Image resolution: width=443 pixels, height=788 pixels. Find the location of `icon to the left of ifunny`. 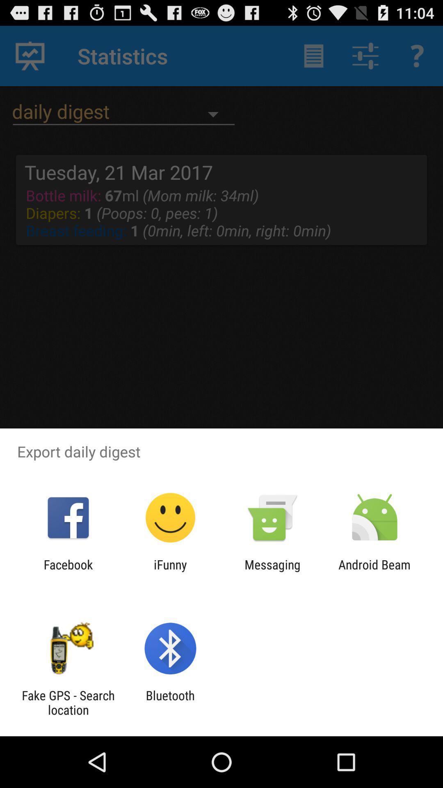

icon to the left of ifunny is located at coordinates (68, 571).